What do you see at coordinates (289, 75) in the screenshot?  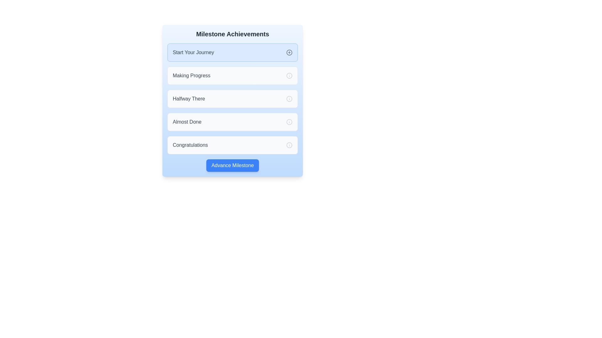 I see `the circular information icon with a gray outline and interior, located to the right of the 'Making Progress' text` at bounding box center [289, 75].